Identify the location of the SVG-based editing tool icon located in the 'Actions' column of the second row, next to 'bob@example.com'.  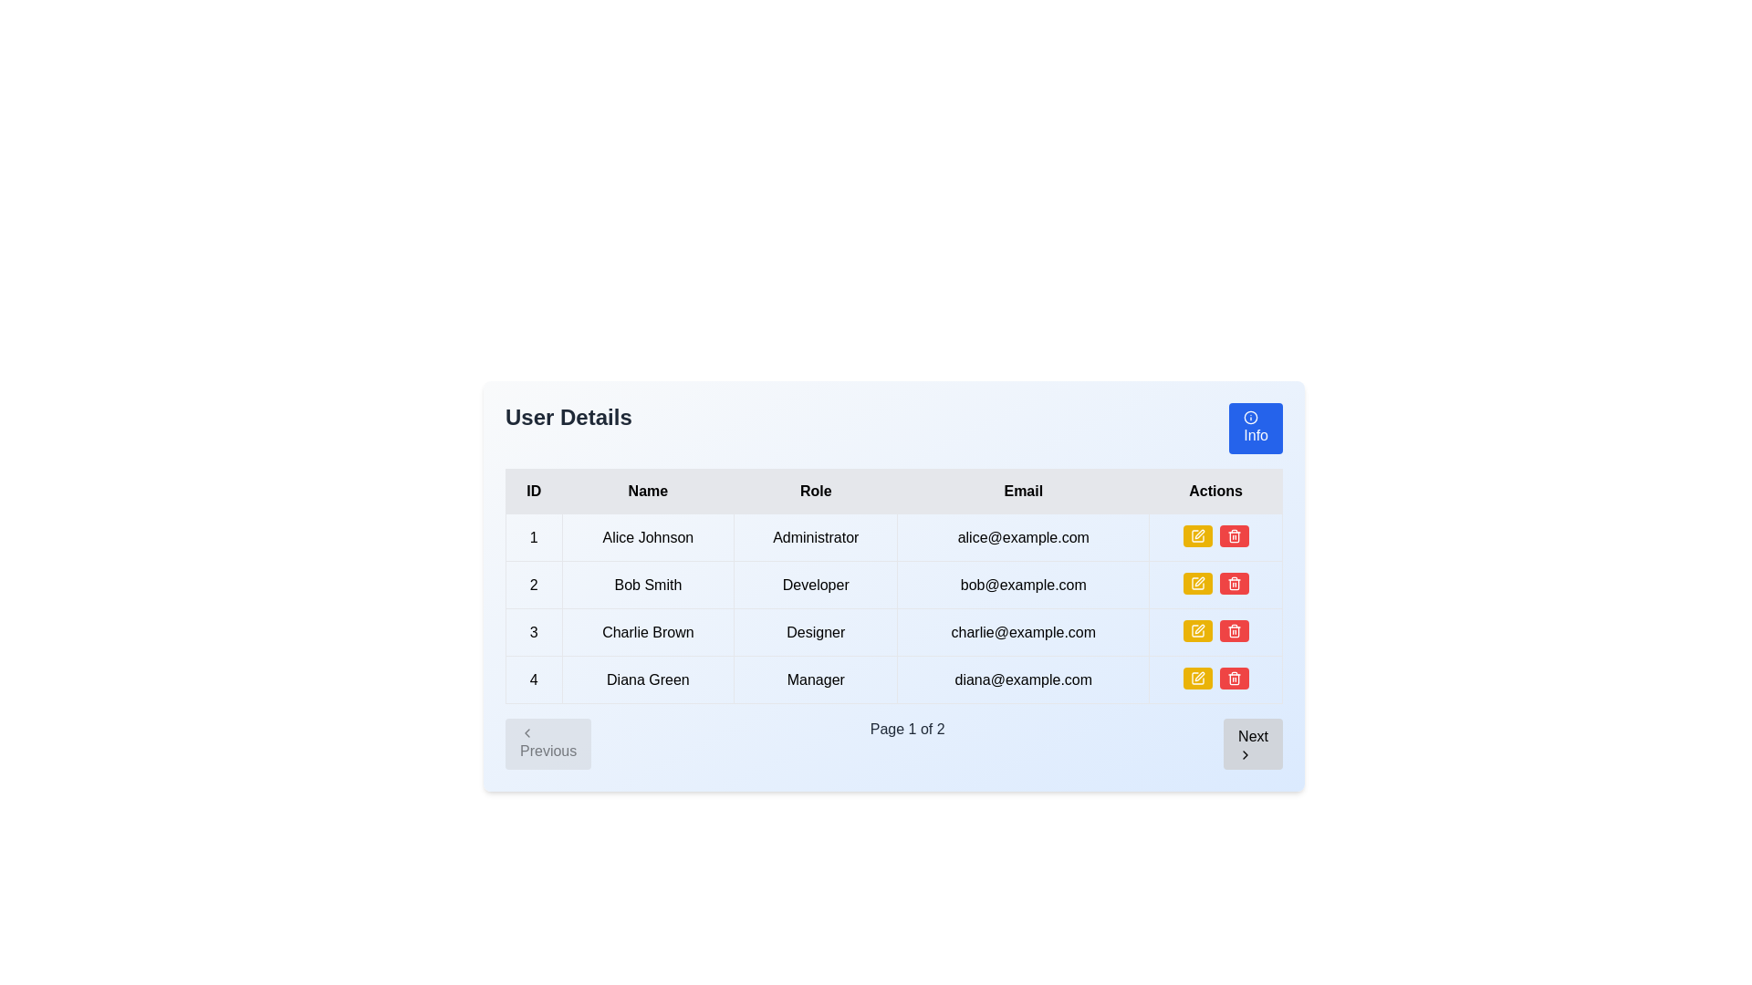
(1199, 534).